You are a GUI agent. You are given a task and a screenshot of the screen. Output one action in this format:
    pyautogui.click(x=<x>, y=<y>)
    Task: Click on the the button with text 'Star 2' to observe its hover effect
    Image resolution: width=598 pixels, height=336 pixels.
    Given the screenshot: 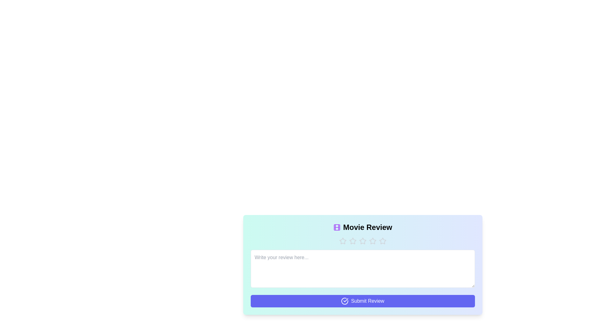 What is the action you would take?
    pyautogui.click(x=353, y=241)
    